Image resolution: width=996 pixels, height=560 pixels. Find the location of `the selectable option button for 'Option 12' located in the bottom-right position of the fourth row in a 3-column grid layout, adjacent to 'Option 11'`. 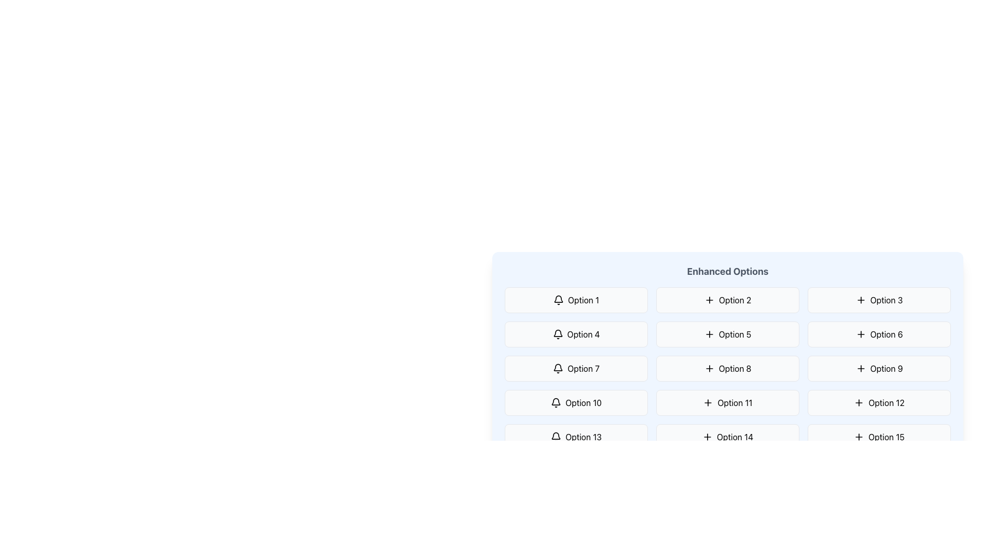

the selectable option button for 'Option 12' located in the bottom-right position of the fourth row in a 3-column grid layout, adjacent to 'Option 11' is located at coordinates (878, 402).